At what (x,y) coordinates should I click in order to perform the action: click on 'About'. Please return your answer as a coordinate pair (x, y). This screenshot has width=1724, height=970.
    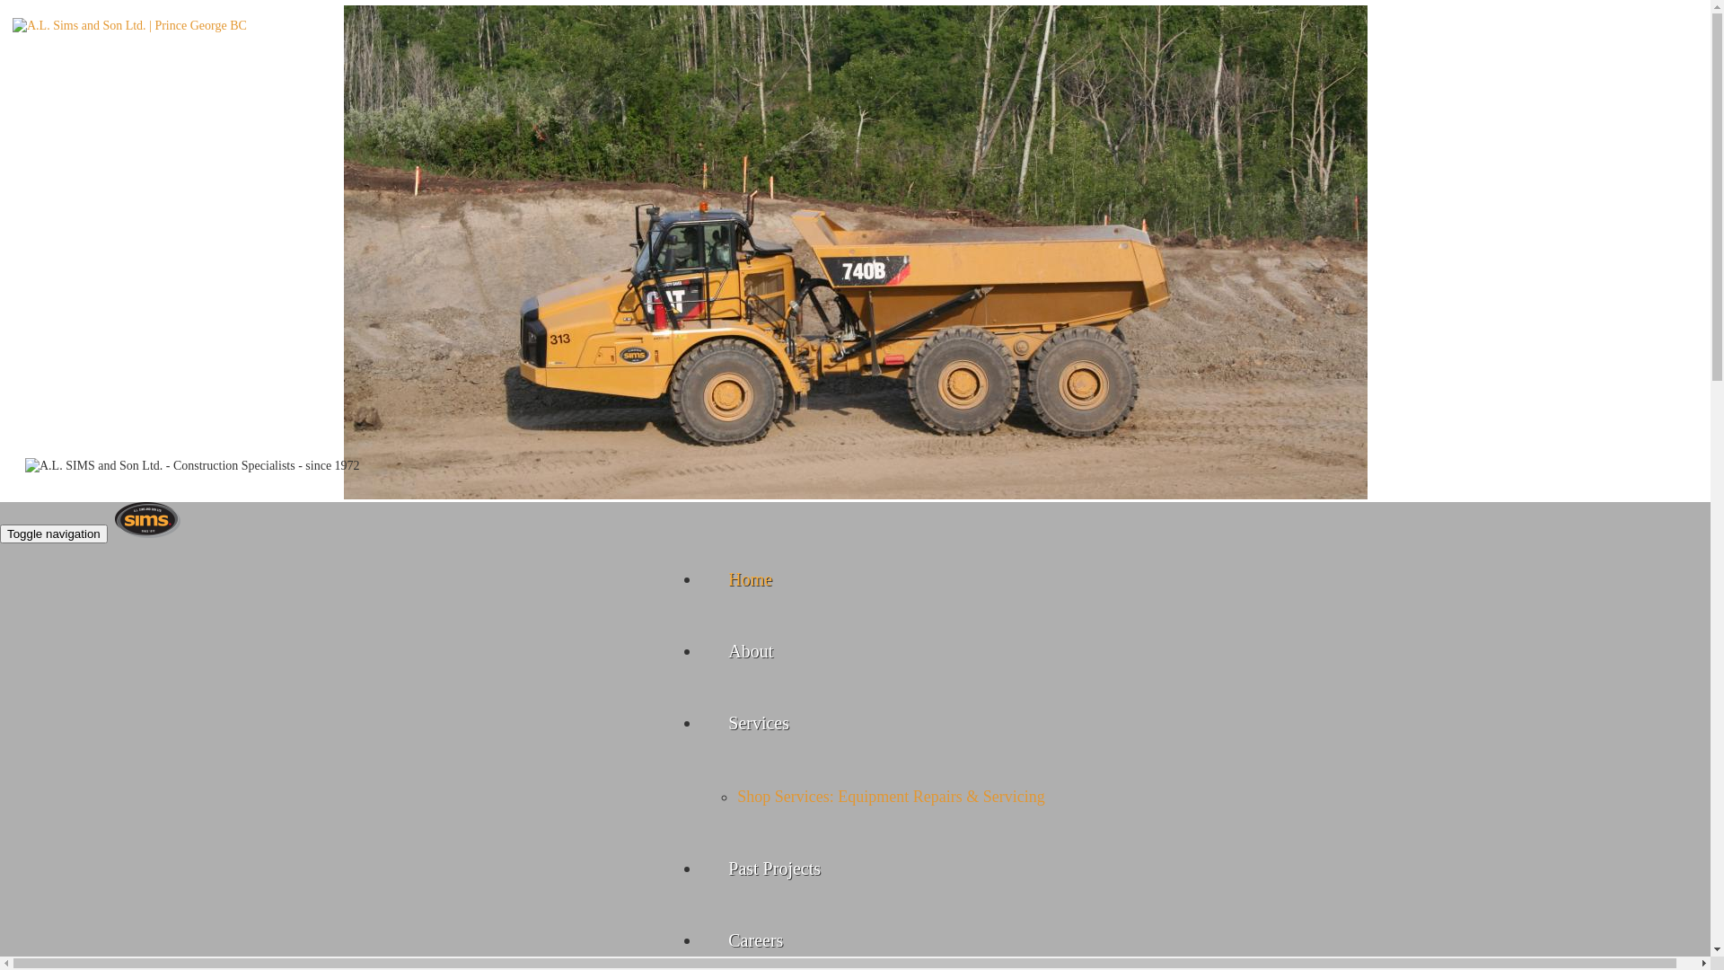
    Looking at the image, I should click on (750, 651).